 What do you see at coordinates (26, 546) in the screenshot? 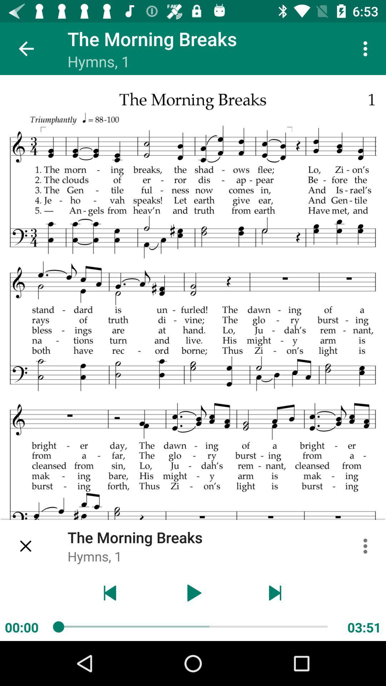
I see `exit song` at bounding box center [26, 546].